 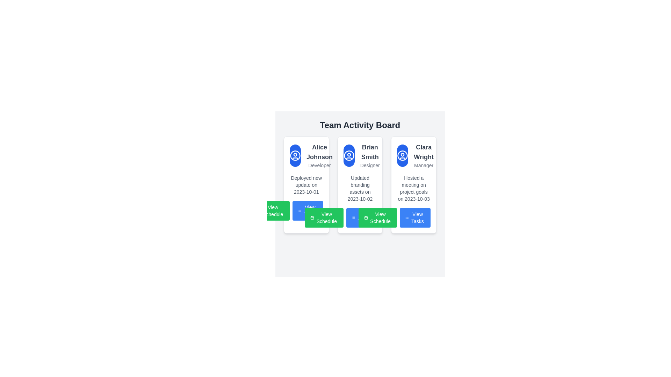 What do you see at coordinates (306, 155) in the screenshot?
I see `the User Profile Display element that features a circular icon with a blue background and the name 'Alice Johnson' in bold font, along with the title 'Developer' below it` at bounding box center [306, 155].